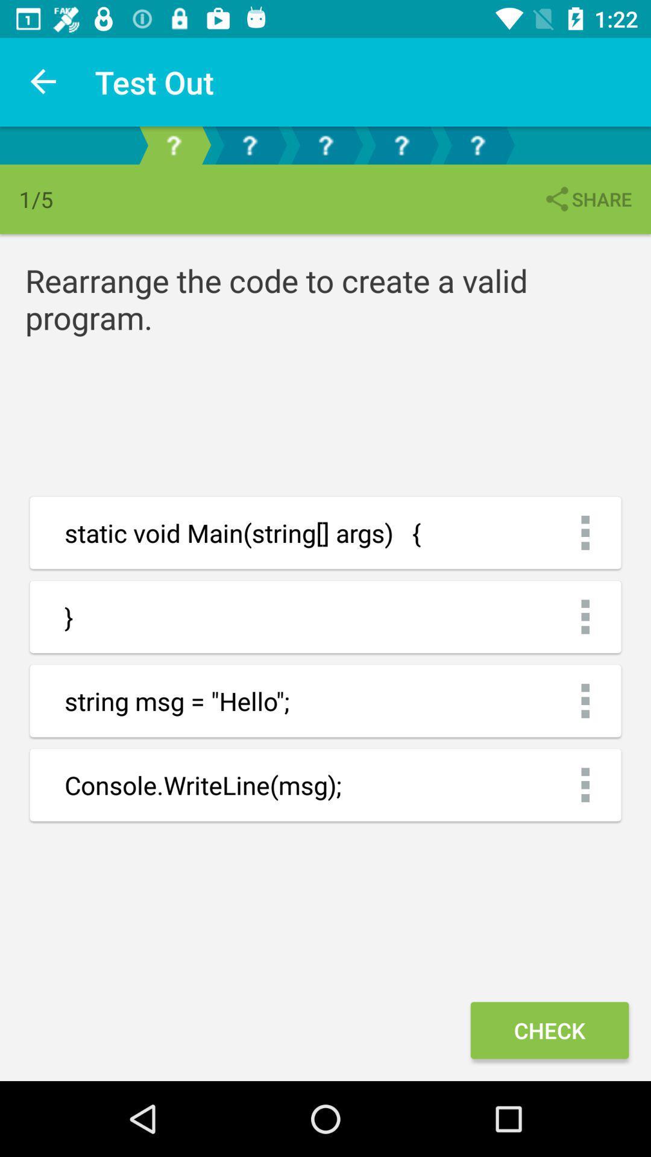 This screenshot has width=651, height=1157. What do you see at coordinates (401, 145) in the screenshot?
I see `open question` at bounding box center [401, 145].